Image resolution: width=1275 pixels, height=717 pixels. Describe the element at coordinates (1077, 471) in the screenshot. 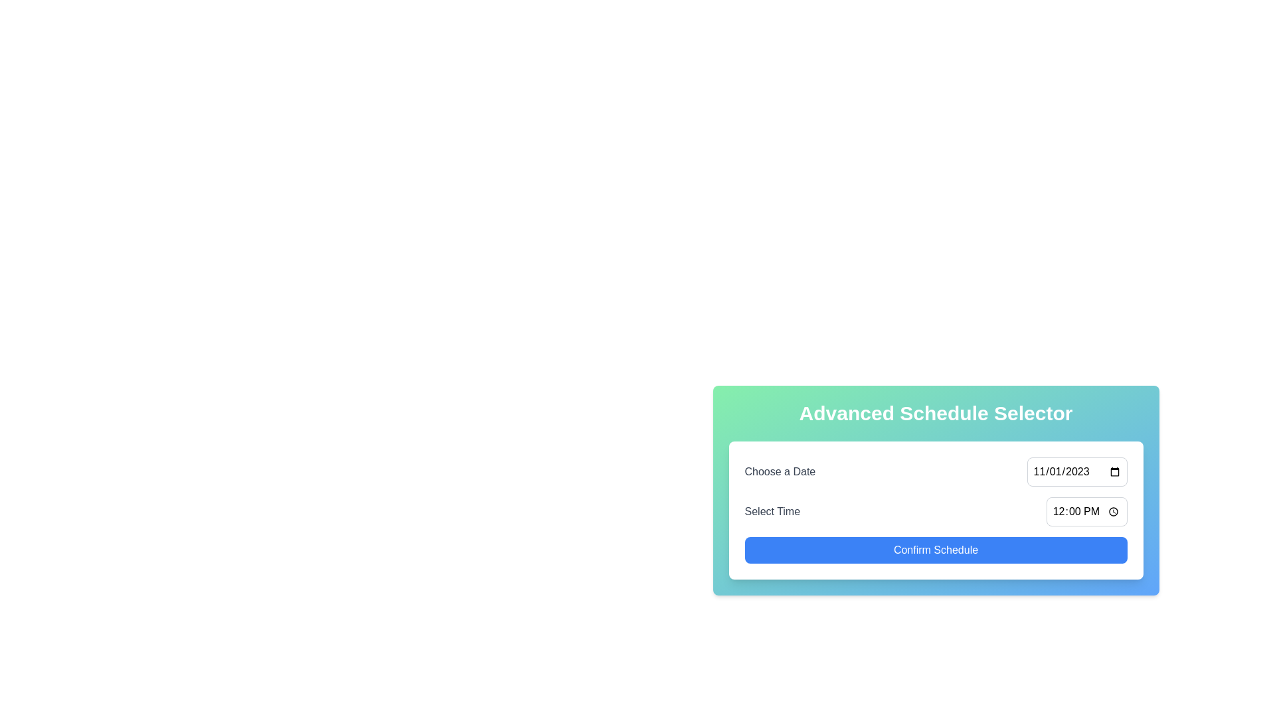

I see `the date input field with the displayed value '11/01/2023' located in the top-right section of the 'Advanced Schedule Selector' panel` at that location.